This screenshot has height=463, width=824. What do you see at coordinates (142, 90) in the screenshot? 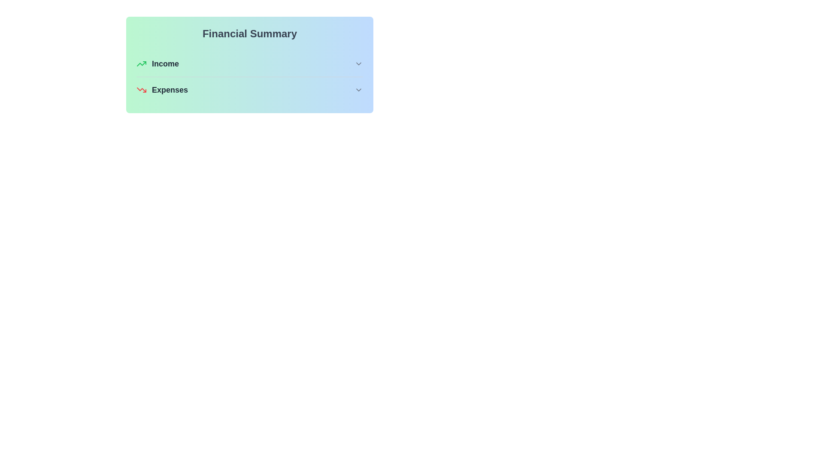
I see `the downward-trending arrow icon that is part of the financial summary section, located to the left of the 'Expenses' text` at bounding box center [142, 90].